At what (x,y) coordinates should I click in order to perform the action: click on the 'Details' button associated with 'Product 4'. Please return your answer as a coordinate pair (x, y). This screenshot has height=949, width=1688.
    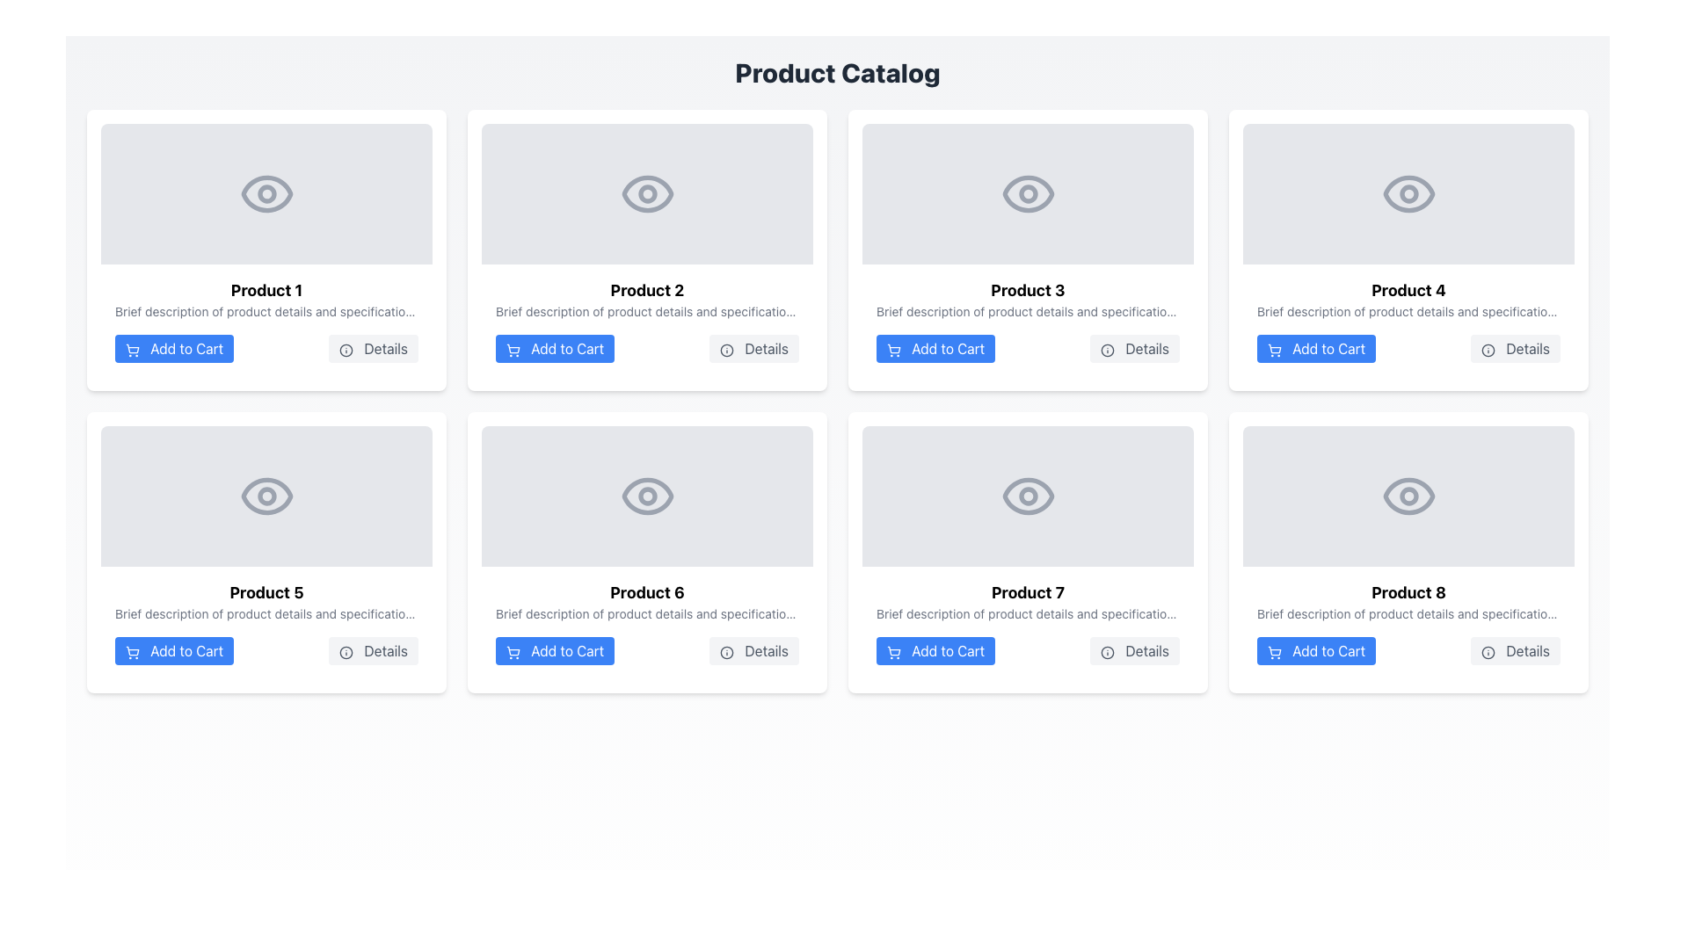
    Looking at the image, I should click on (1488, 350).